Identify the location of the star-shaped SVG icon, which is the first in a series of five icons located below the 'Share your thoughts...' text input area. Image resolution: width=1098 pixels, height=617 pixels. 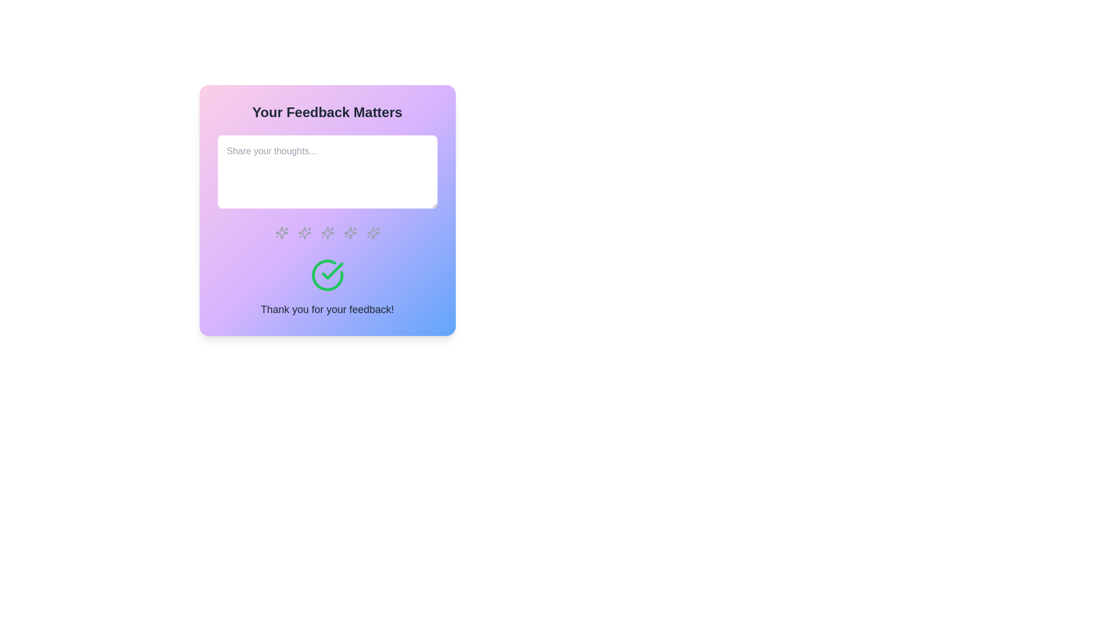
(304, 233).